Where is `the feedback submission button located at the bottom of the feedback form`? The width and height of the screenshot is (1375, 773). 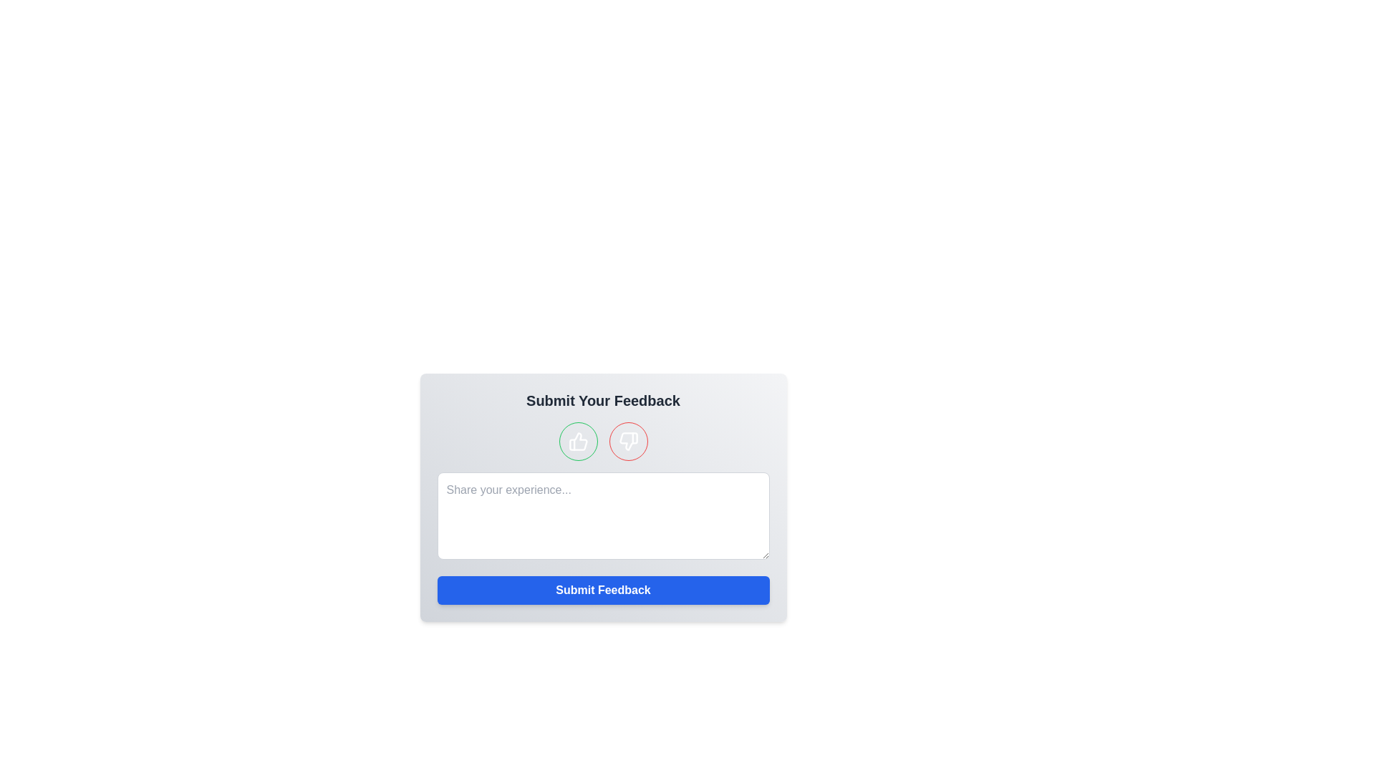 the feedback submission button located at the bottom of the feedback form is located at coordinates (603, 590).